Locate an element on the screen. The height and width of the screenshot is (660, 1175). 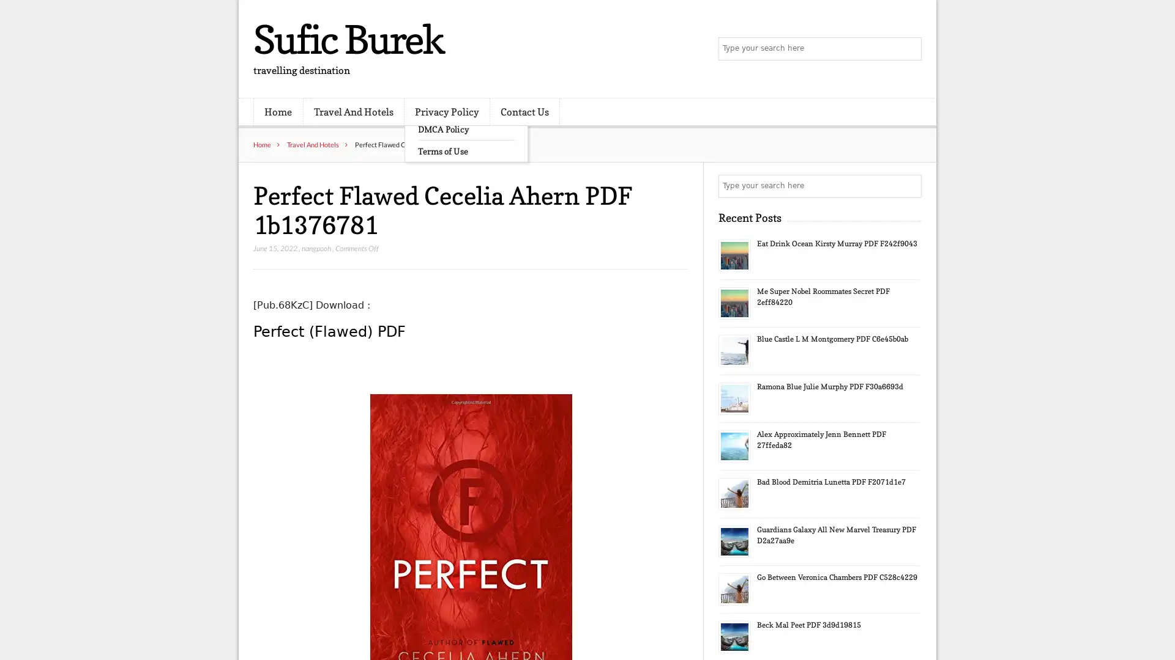
Search is located at coordinates (909, 49).